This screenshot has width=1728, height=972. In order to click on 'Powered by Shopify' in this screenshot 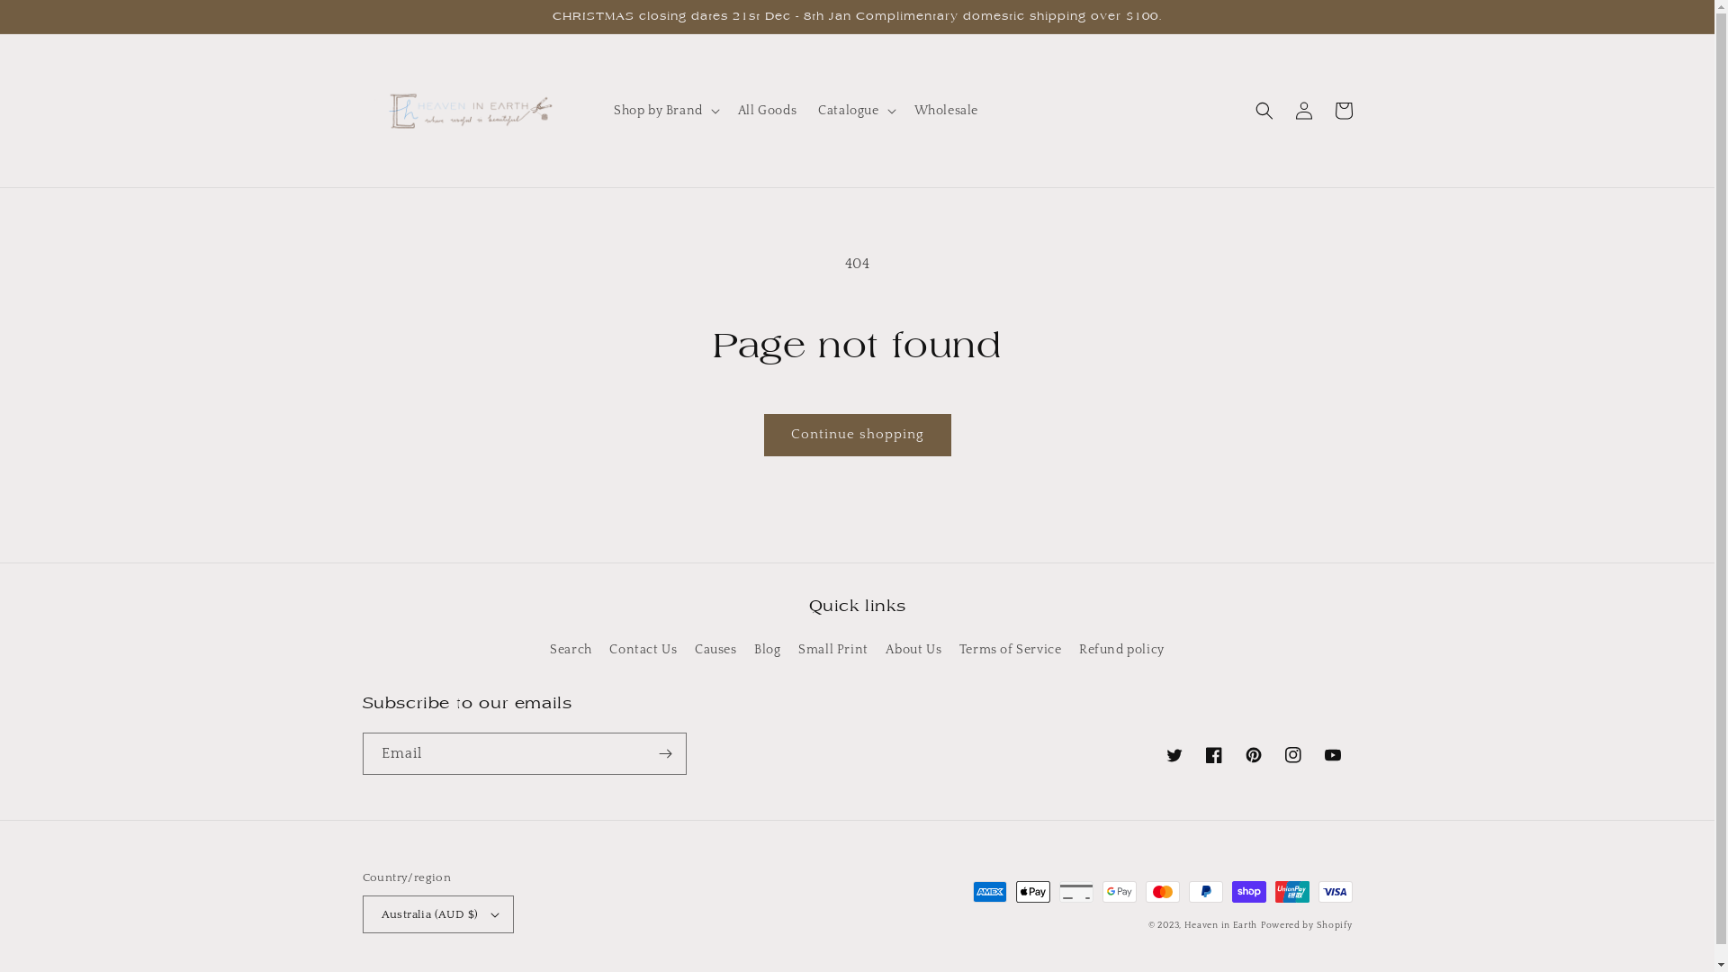, I will do `click(1307, 925)`.